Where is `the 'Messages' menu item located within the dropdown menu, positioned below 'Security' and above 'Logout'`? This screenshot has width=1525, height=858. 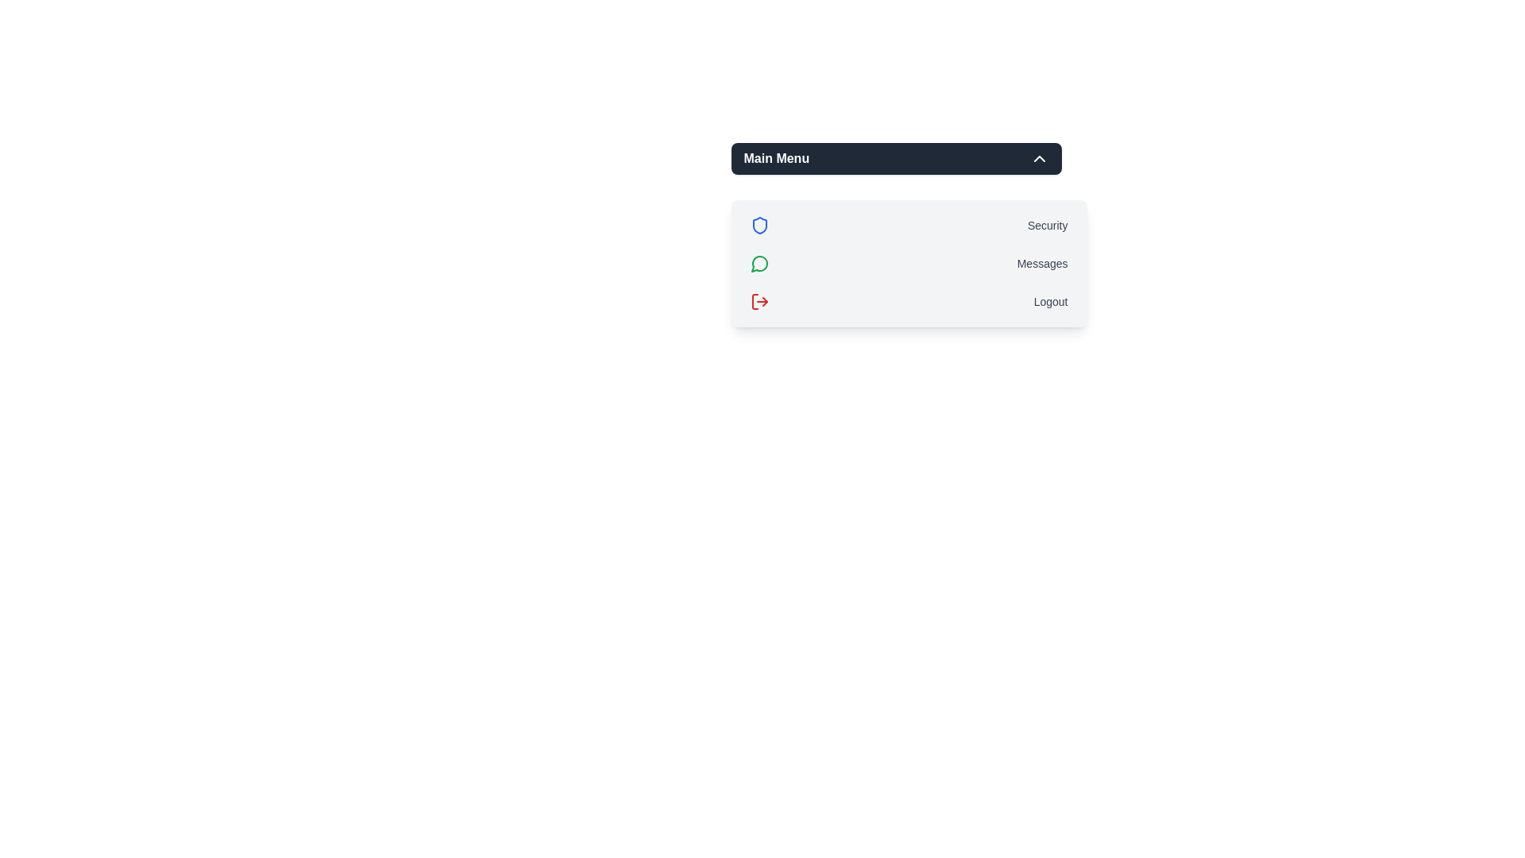
the 'Messages' menu item located within the dropdown menu, positioned below 'Security' and above 'Logout' is located at coordinates (909, 262).